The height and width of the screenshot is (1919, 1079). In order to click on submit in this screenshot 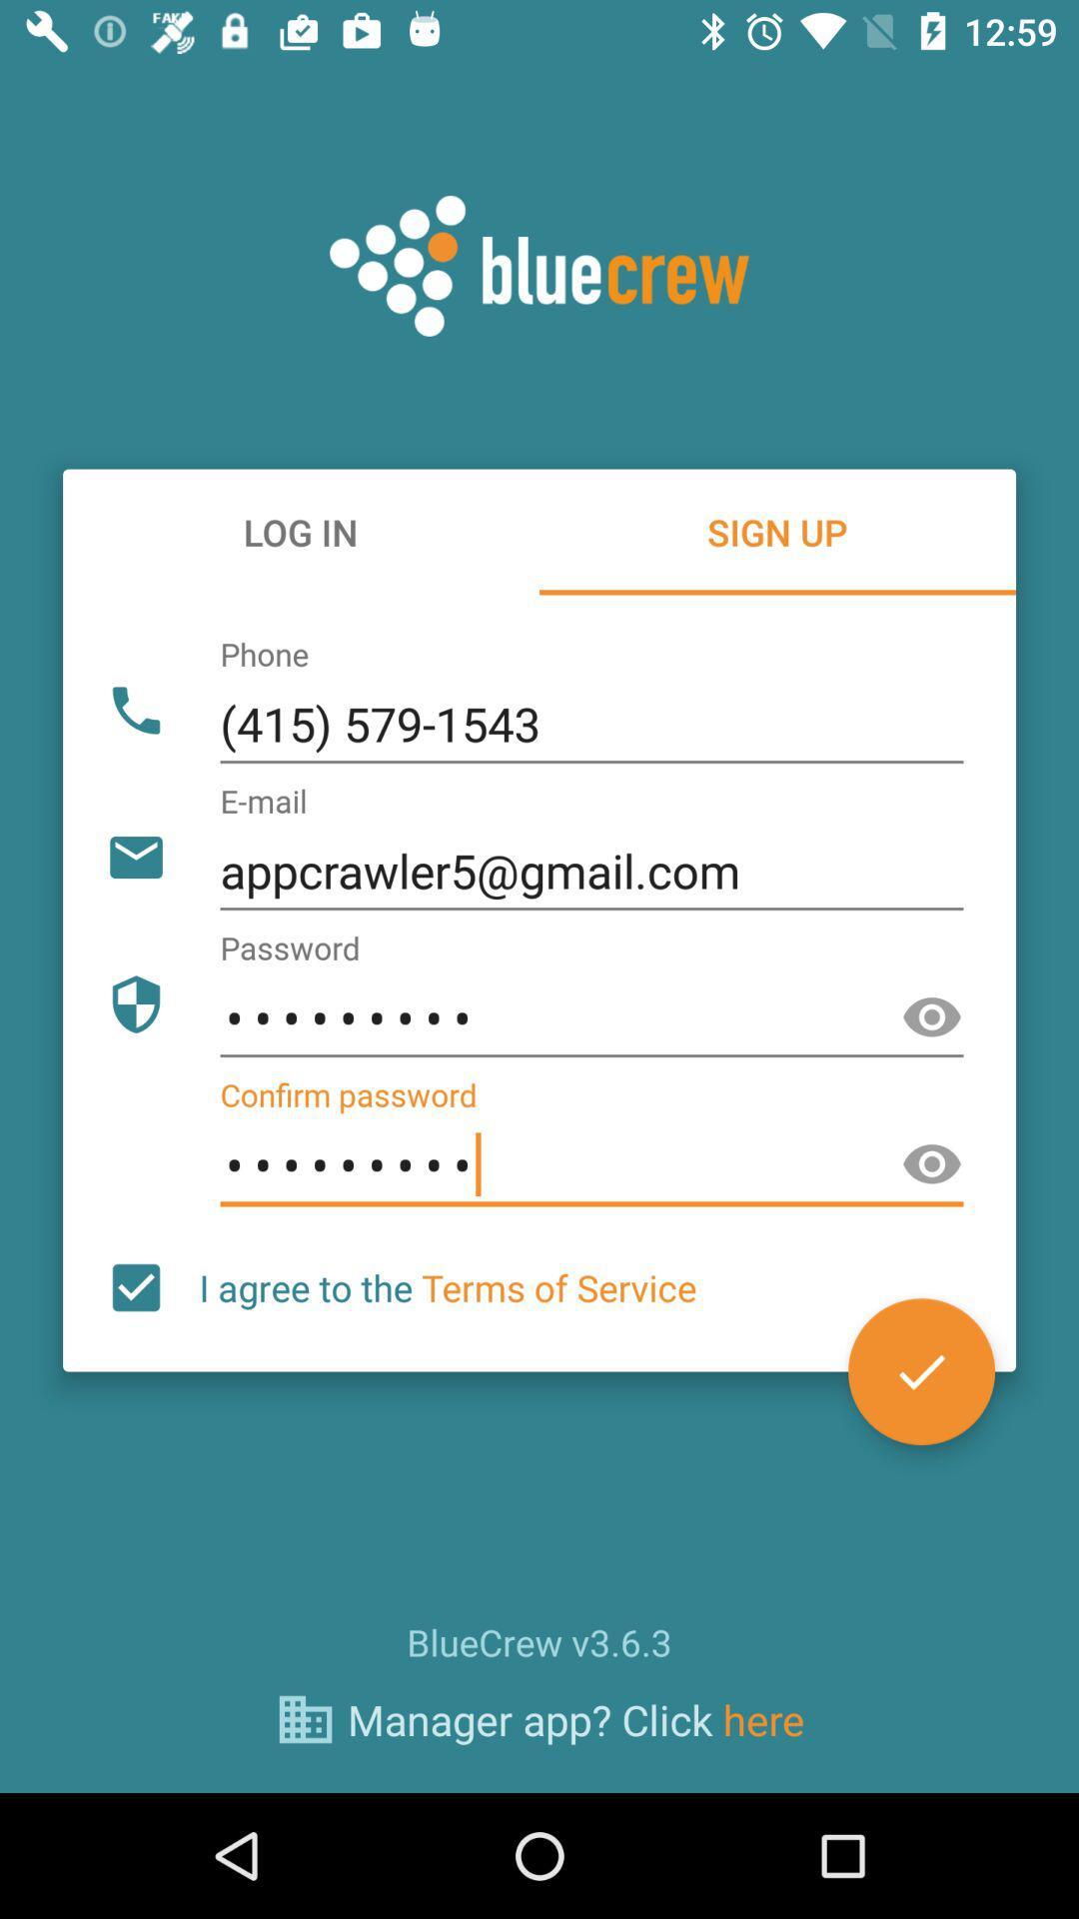, I will do `click(921, 1370)`.